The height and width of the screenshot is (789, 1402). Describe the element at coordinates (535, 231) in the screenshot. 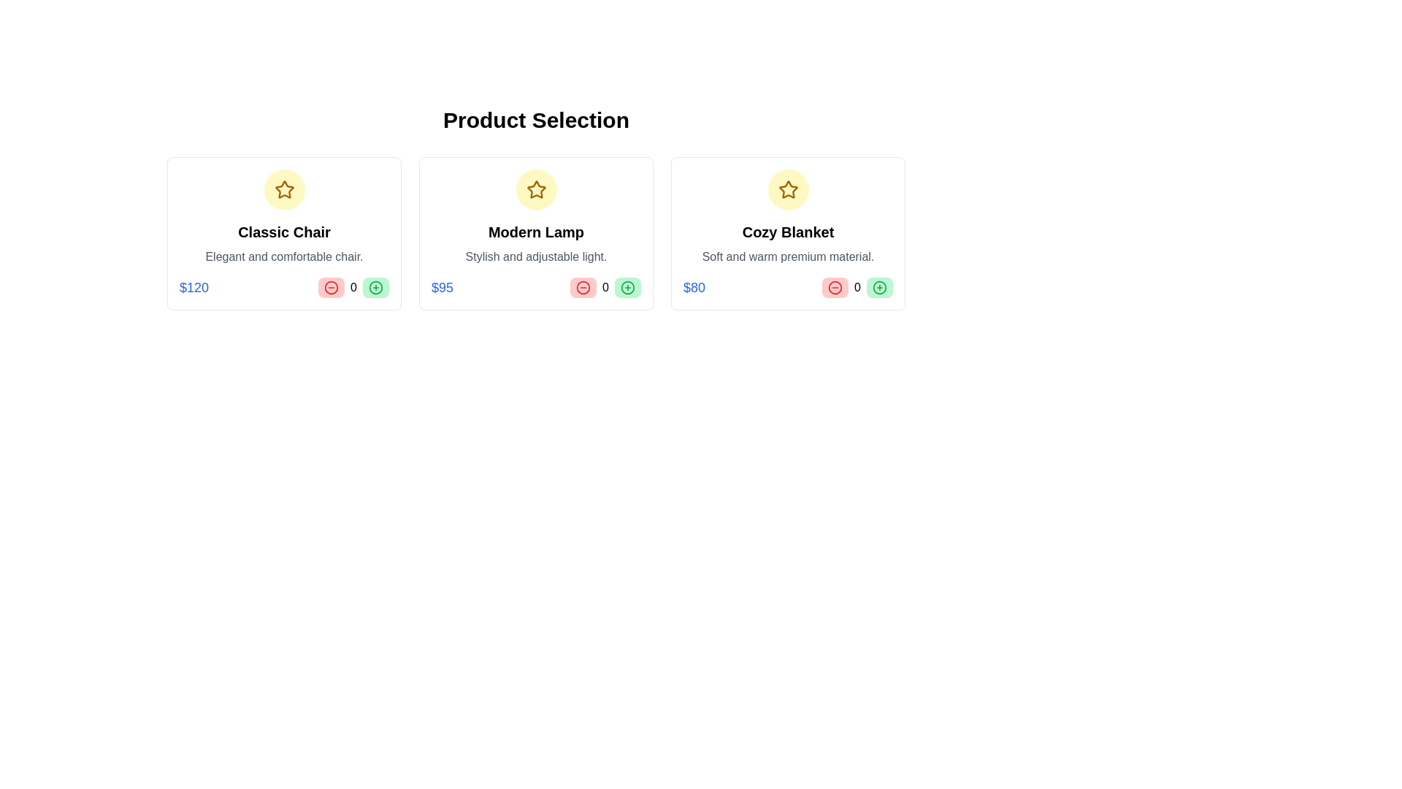

I see `the static text element labeled 'Modern Lamp'` at that location.